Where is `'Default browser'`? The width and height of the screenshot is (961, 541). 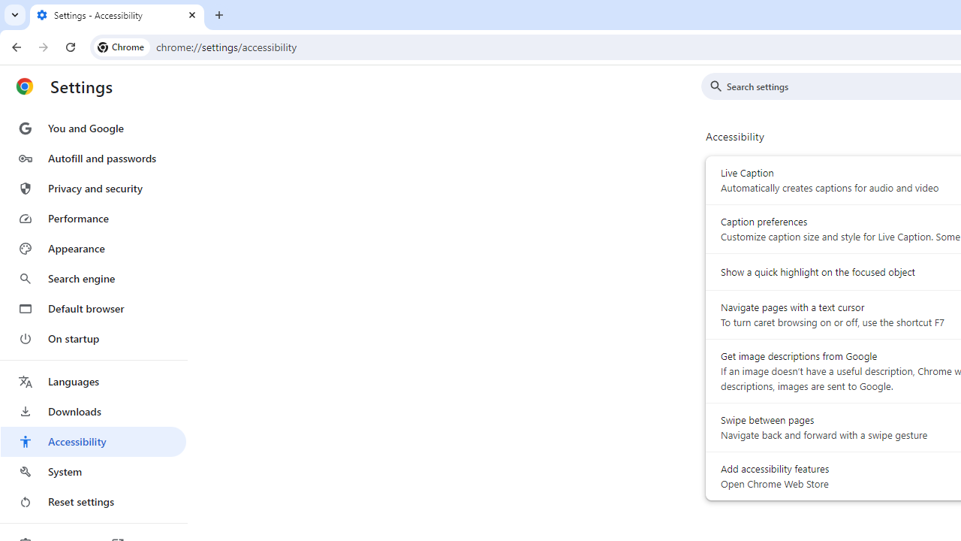 'Default browser' is located at coordinates (92, 308).